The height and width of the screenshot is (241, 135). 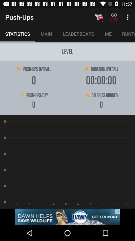 What do you see at coordinates (98, 17) in the screenshot?
I see `pro button which is beside go pro at top of the page` at bounding box center [98, 17].